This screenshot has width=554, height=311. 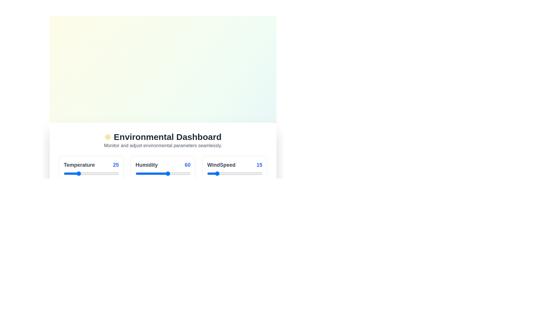 What do you see at coordinates (169, 173) in the screenshot?
I see `the Humidity slider` at bounding box center [169, 173].